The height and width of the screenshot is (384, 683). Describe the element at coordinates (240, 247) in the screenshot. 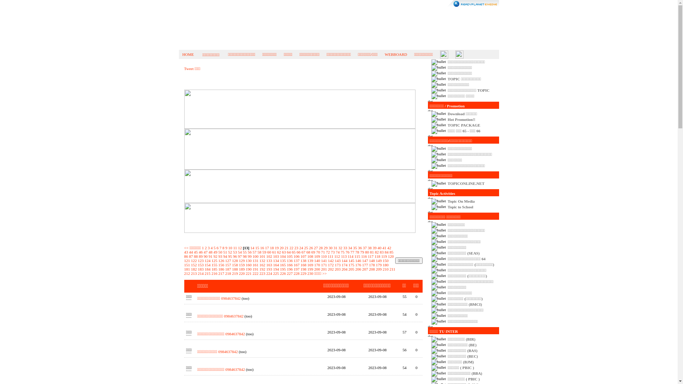

I see `'12'` at that location.